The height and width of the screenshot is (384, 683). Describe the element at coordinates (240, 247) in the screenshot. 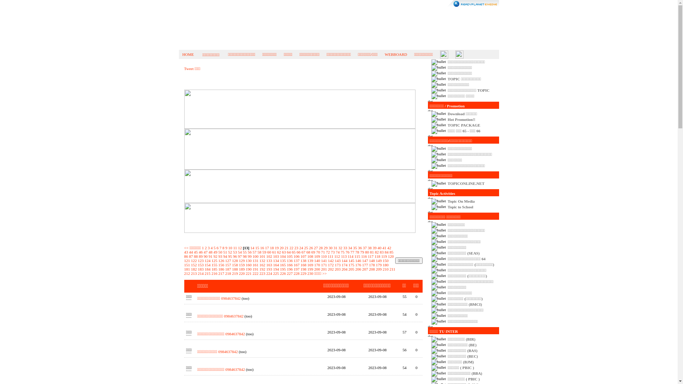

I see `'12'` at that location.